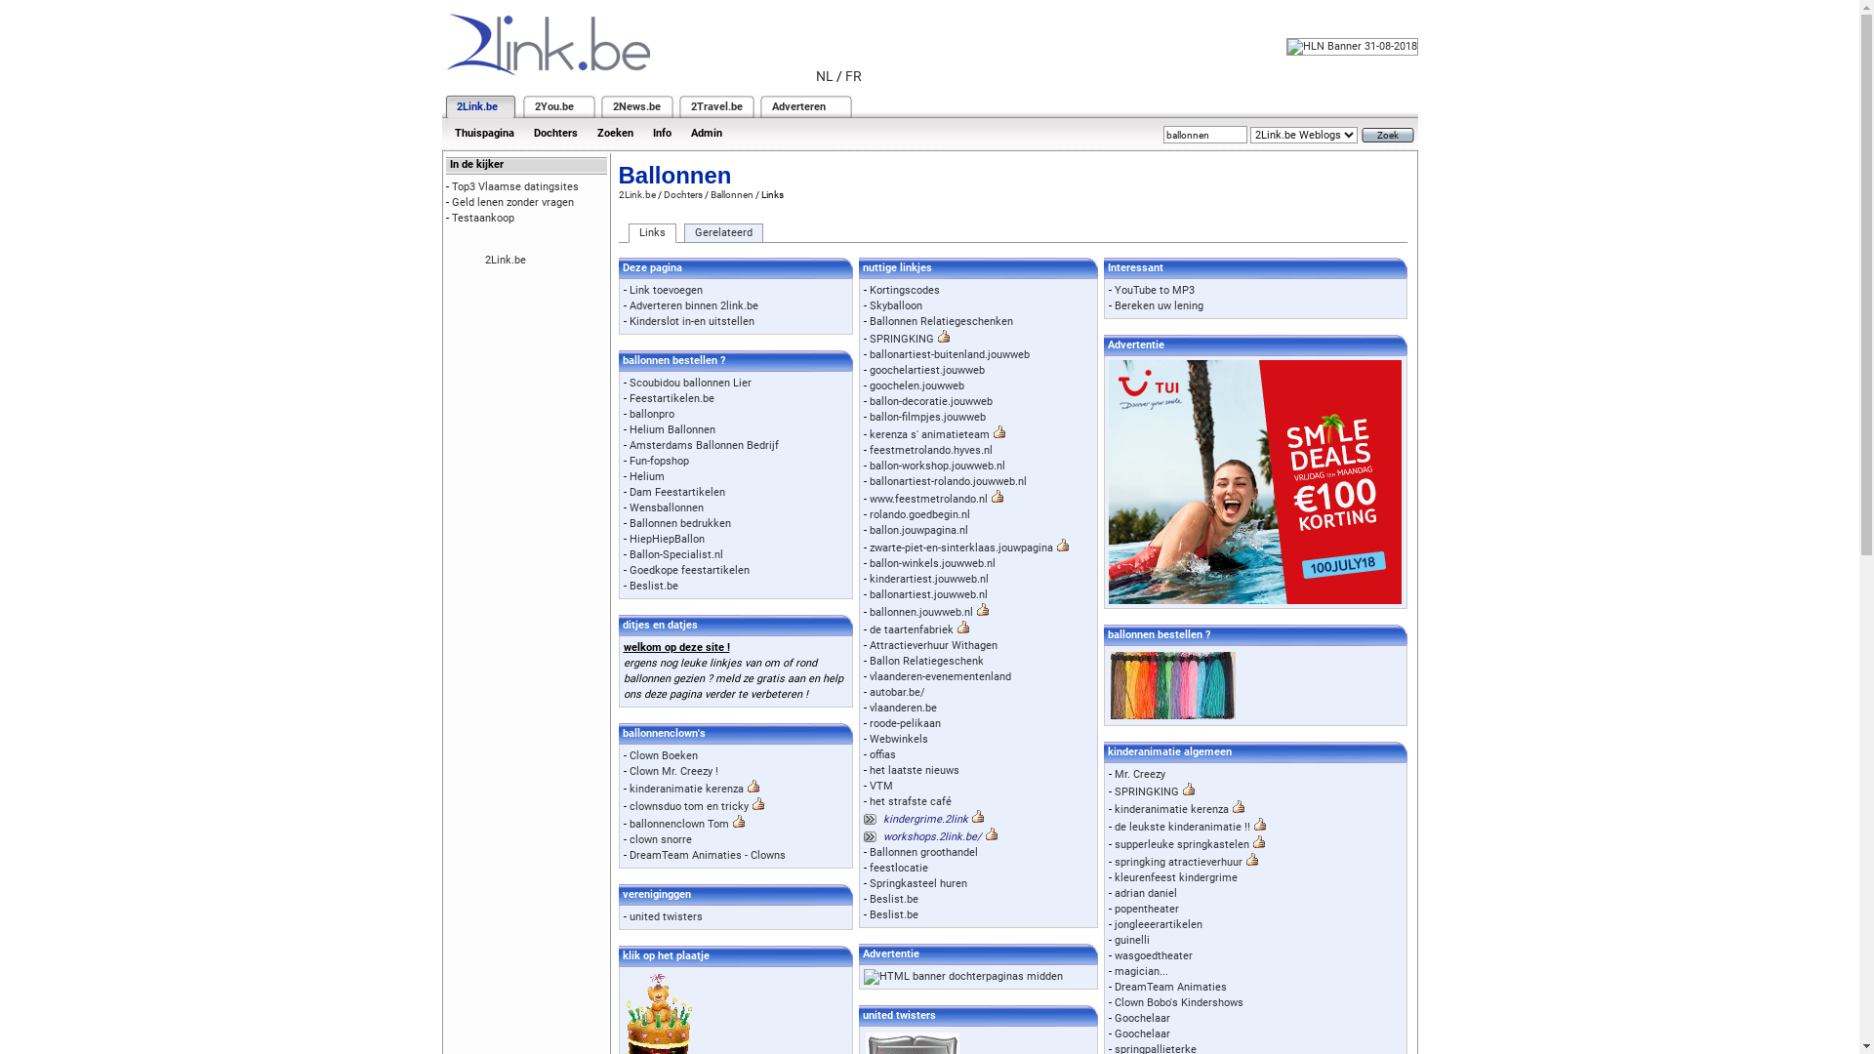 The height and width of the screenshot is (1054, 1874). I want to click on 'Ballonnen Relatiegeschenken', so click(941, 320).